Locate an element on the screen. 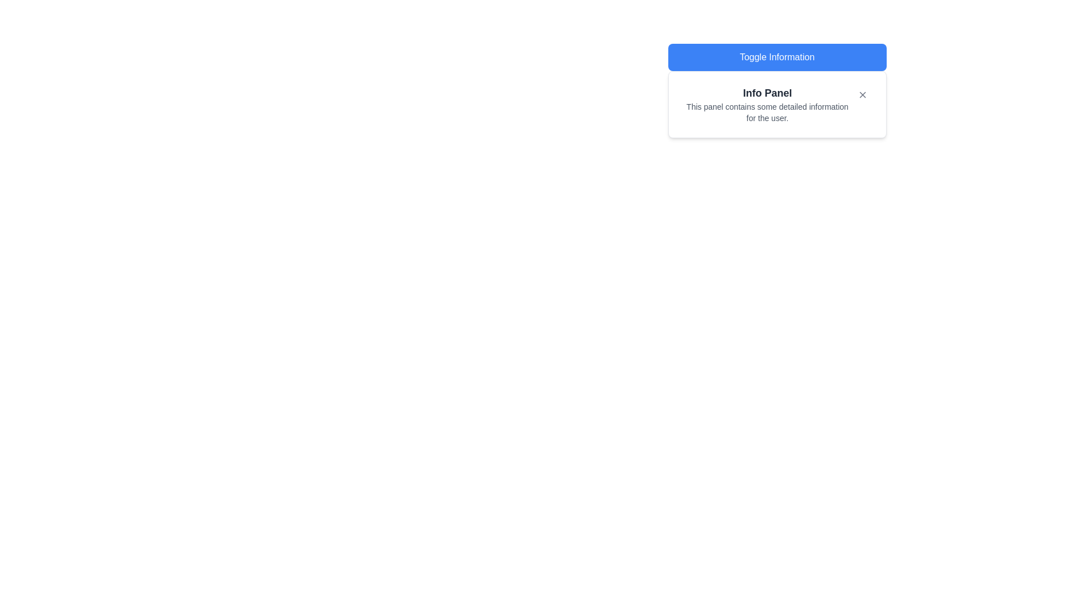 This screenshot has width=1092, height=614. the text label displaying 'This panel contains some detailed information for the user.' which is located below the 'Info Panel' header in the card interface is located at coordinates (767, 112).